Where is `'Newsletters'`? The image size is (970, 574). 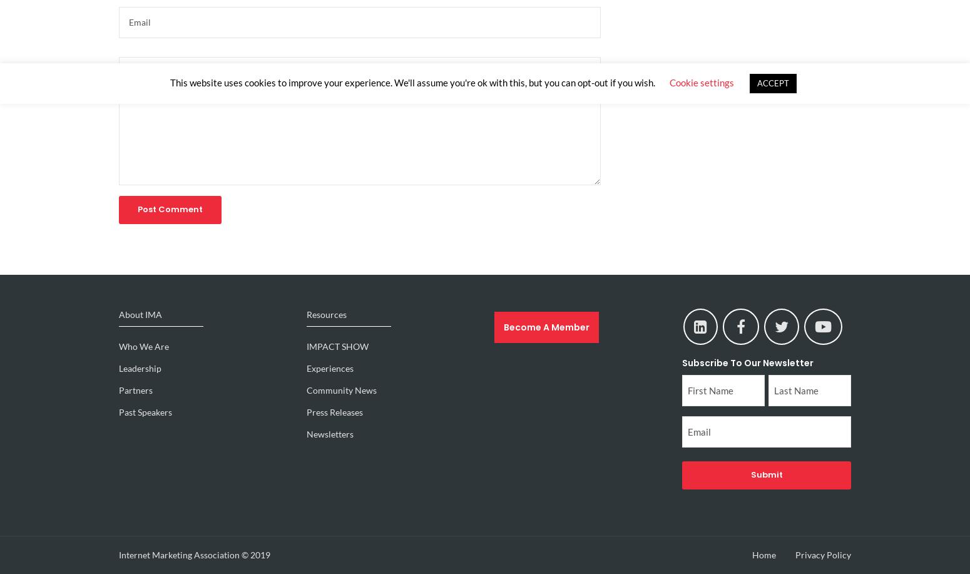 'Newsletters' is located at coordinates (329, 434).